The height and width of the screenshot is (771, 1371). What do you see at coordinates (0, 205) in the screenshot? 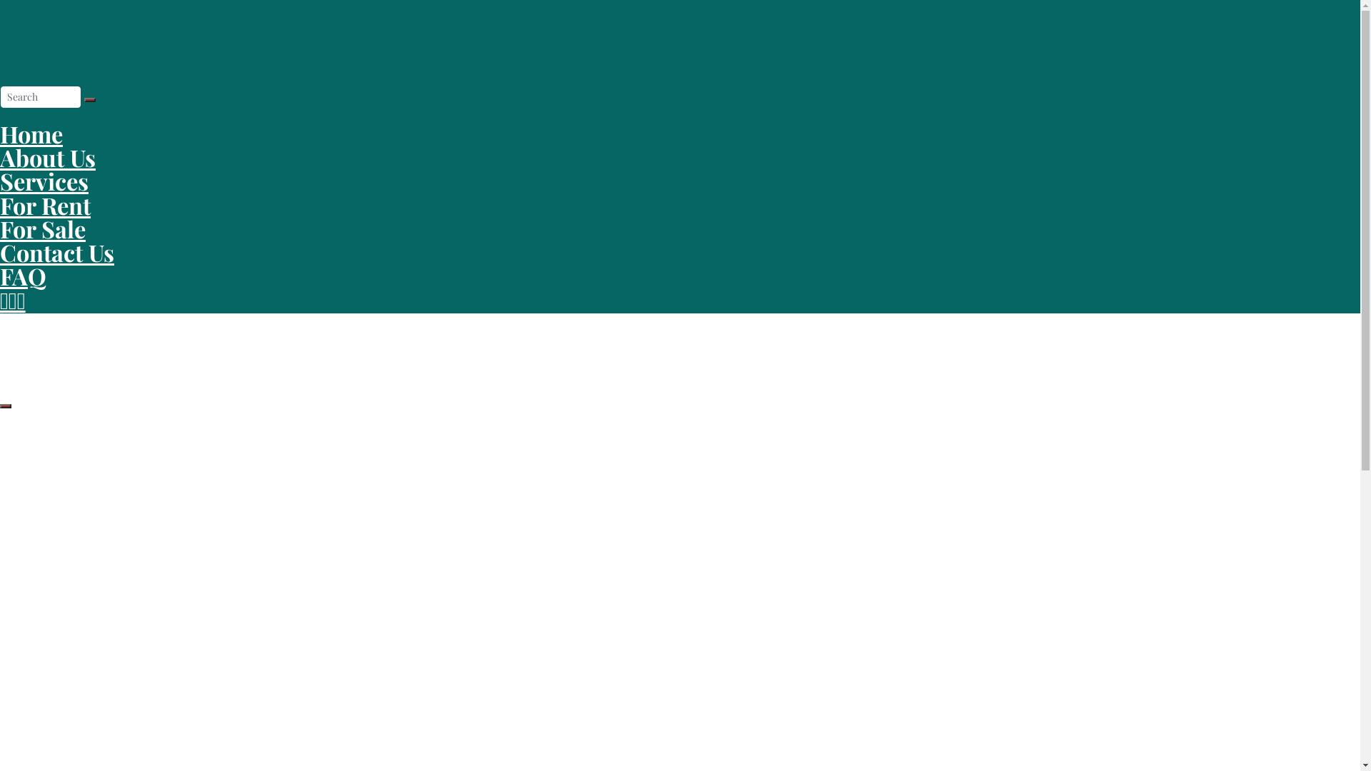
I see `'For Rent'` at bounding box center [0, 205].